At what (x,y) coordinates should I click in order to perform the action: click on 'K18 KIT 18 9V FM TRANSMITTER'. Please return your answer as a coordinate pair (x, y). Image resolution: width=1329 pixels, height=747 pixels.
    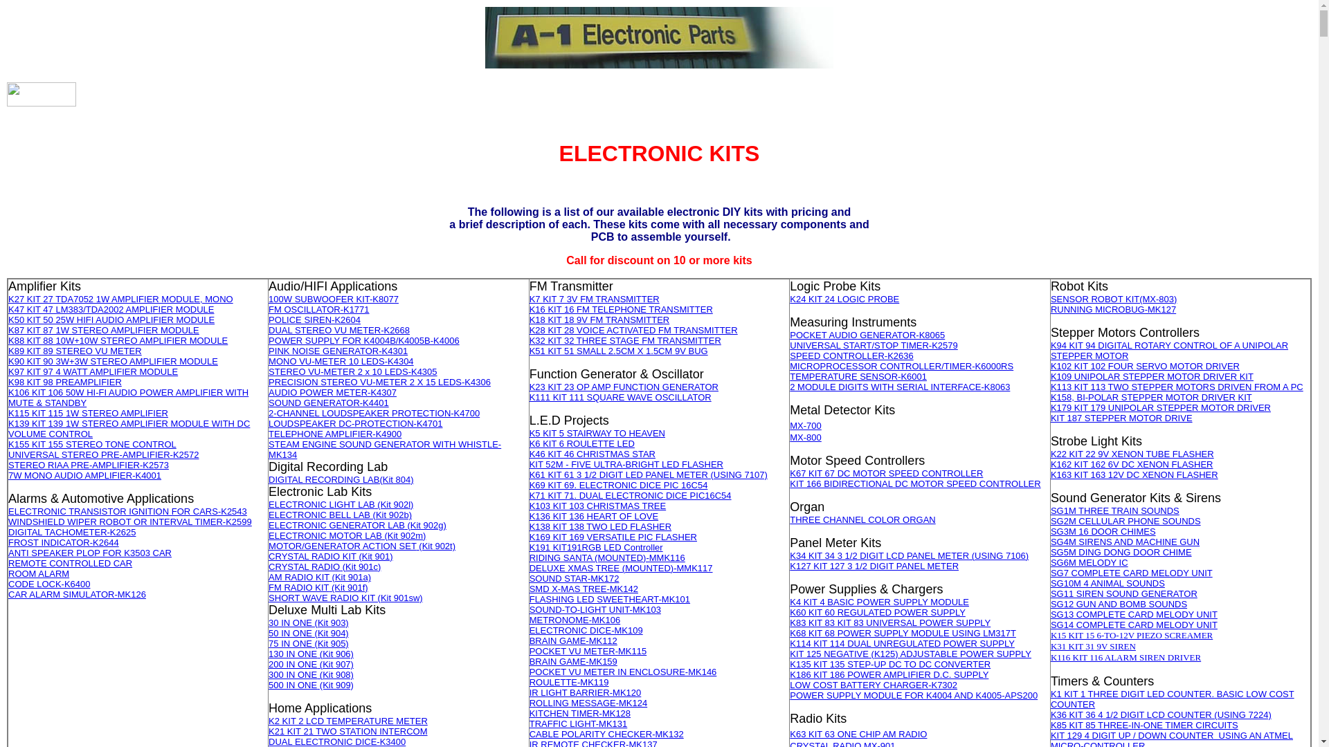
    Looking at the image, I should click on (599, 320).